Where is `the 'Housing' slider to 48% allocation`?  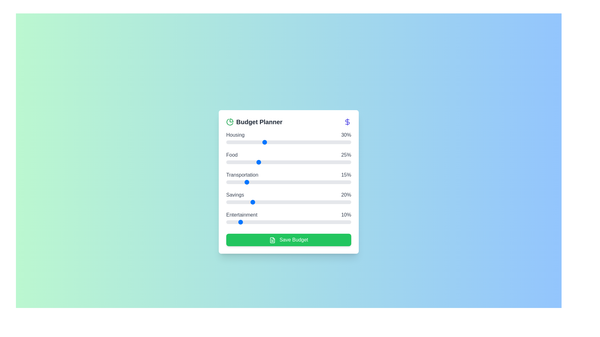
the 'Housing' slider to 48% allocation is located at coordinates (286, 142).